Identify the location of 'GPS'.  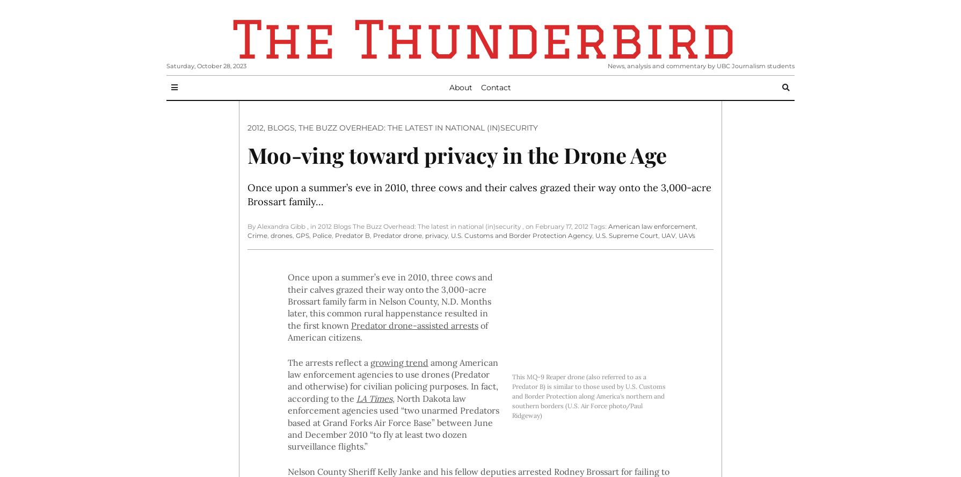
(302, 235).